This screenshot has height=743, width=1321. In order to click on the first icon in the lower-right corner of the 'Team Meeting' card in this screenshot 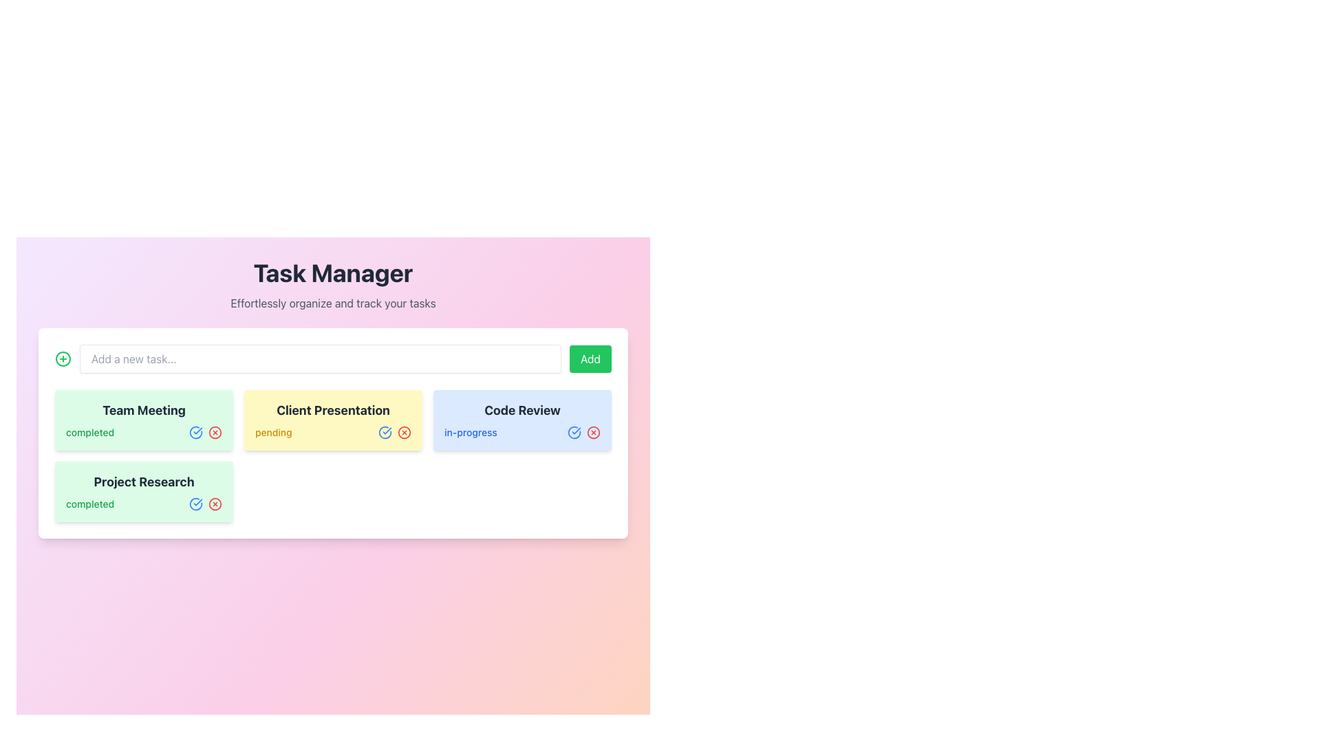, I will do `click(195, 431)`.